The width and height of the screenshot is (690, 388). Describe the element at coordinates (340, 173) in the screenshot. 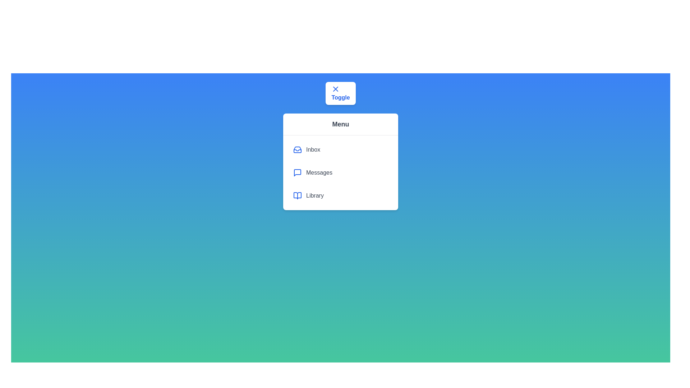

I see `the menu item Messages to highlight it` at that location.